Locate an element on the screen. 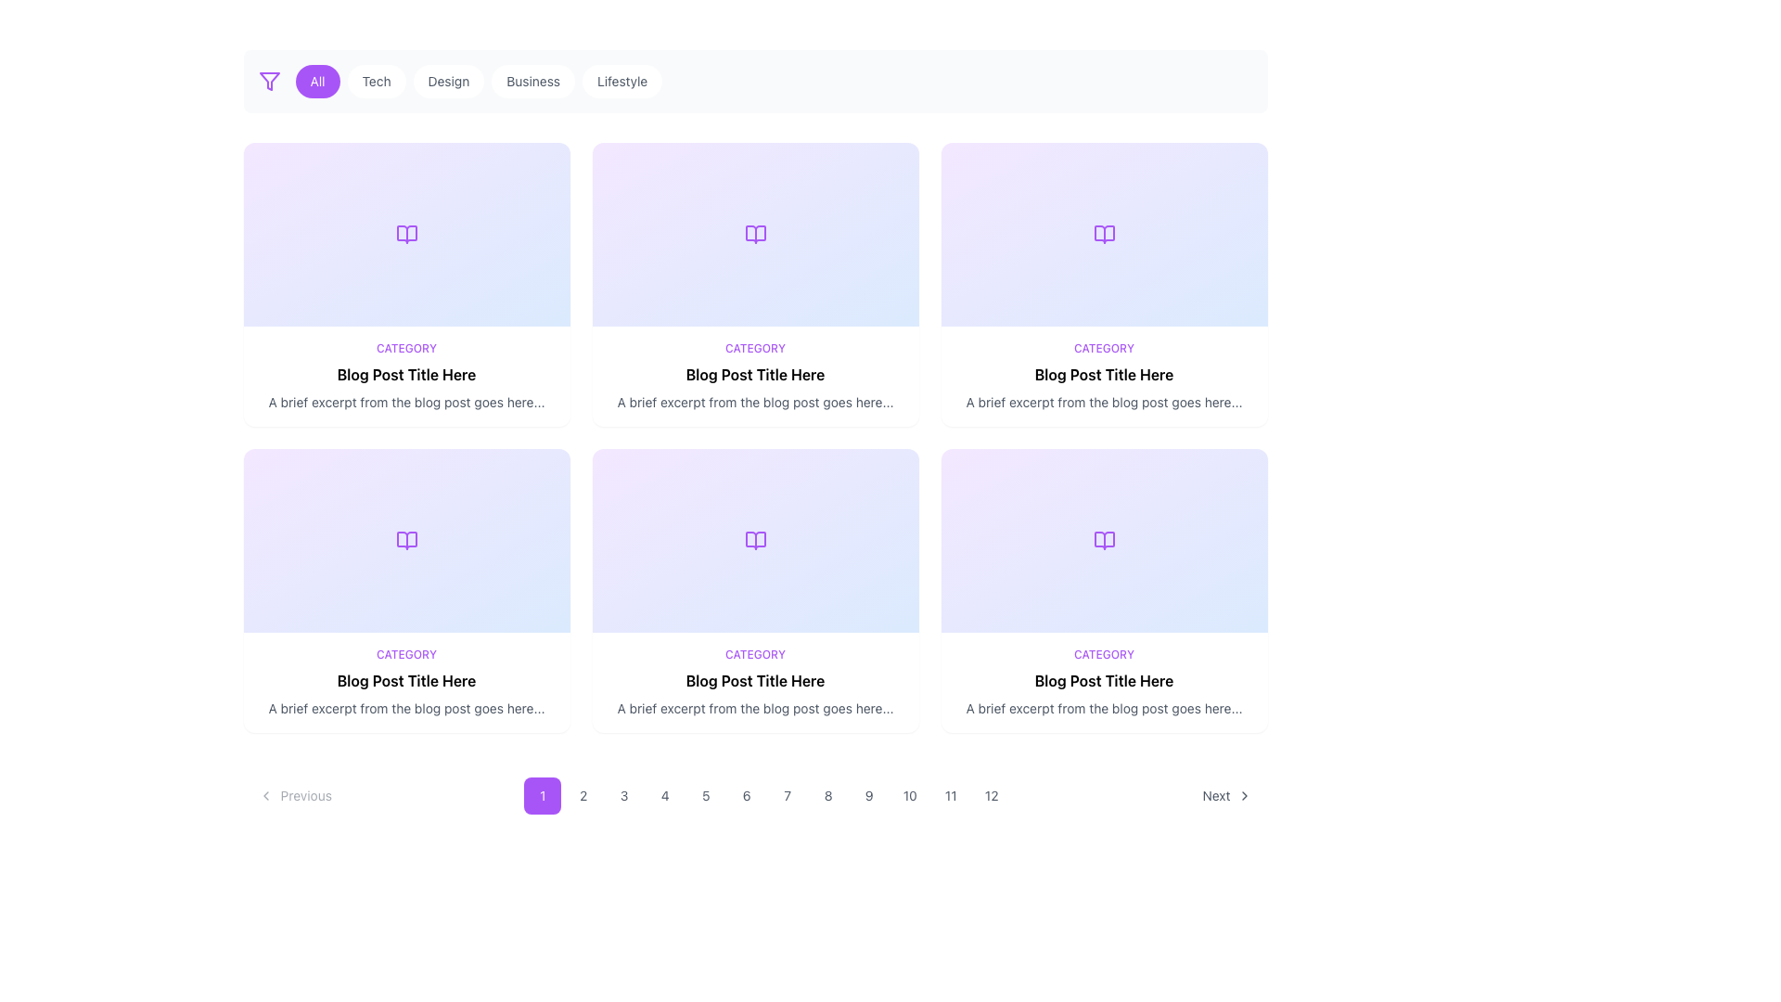  text from the text block that provides information about the blog post, located in the second card from the left in the second row of the grid layout is located at coordinates (755, 376).